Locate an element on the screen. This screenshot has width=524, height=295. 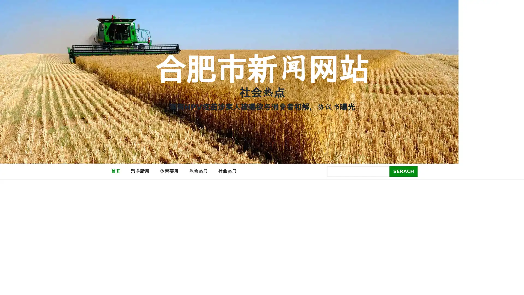
serach is located at coordinates (403, 171).